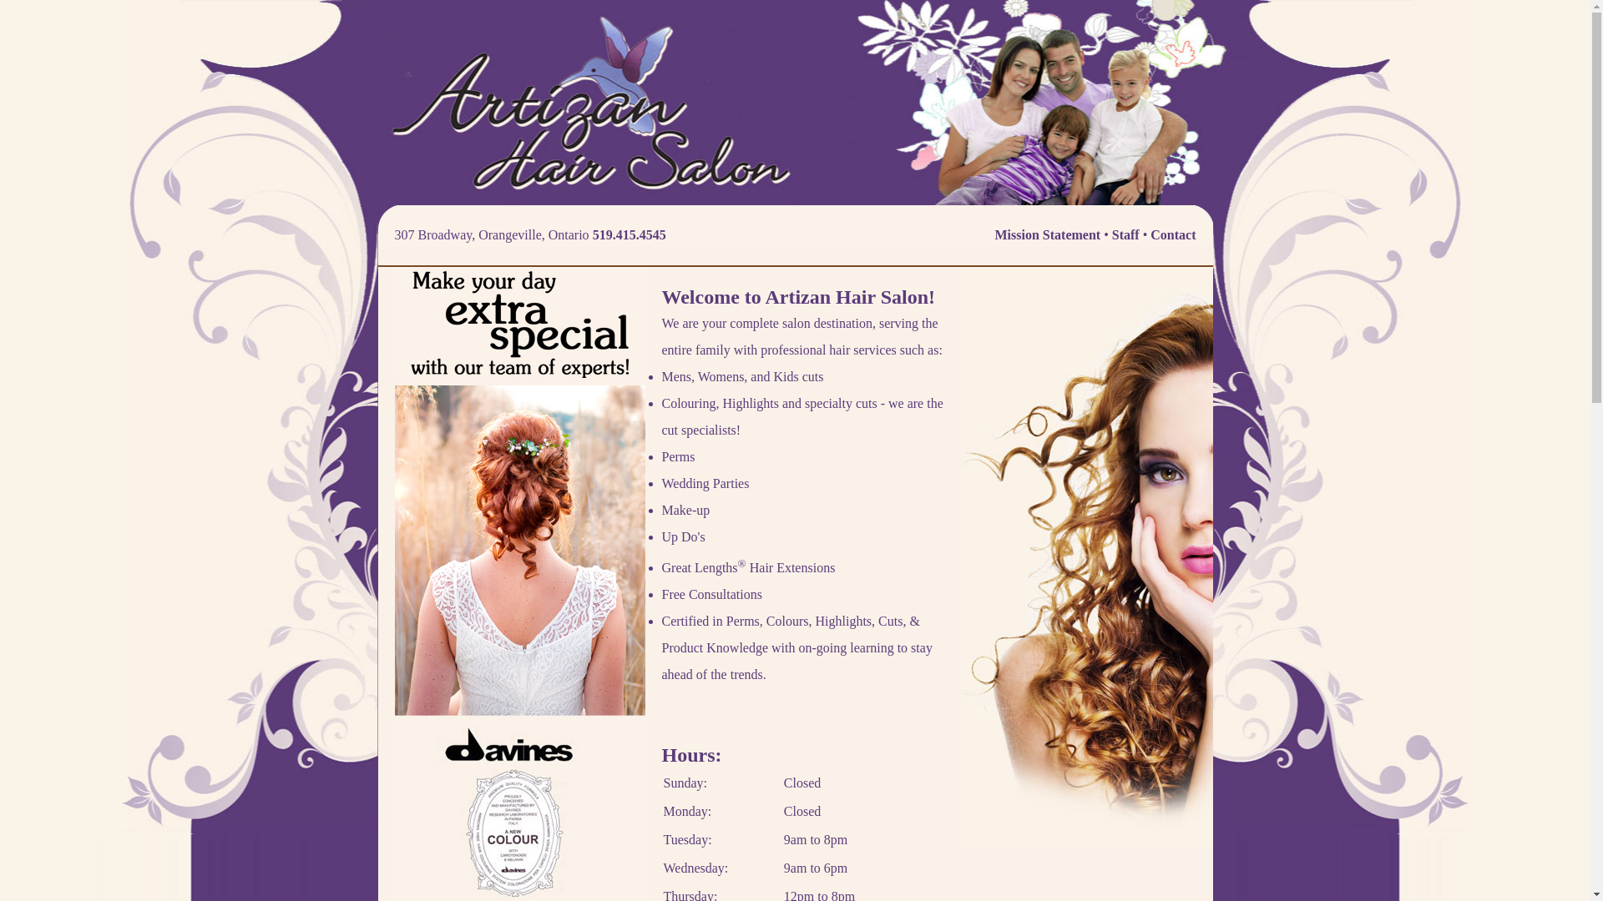 The image size is (1603, 901). I want to click on 'Mission Statement', so click(994, 234).